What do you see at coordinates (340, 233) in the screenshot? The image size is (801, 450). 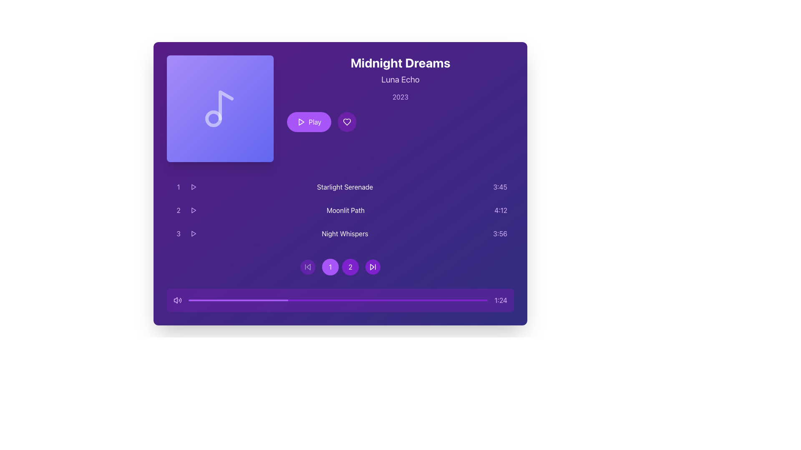 I see `the playlist item displaying track number '3' with the title 'Night Whispers'` at bounding box center [340, 233].